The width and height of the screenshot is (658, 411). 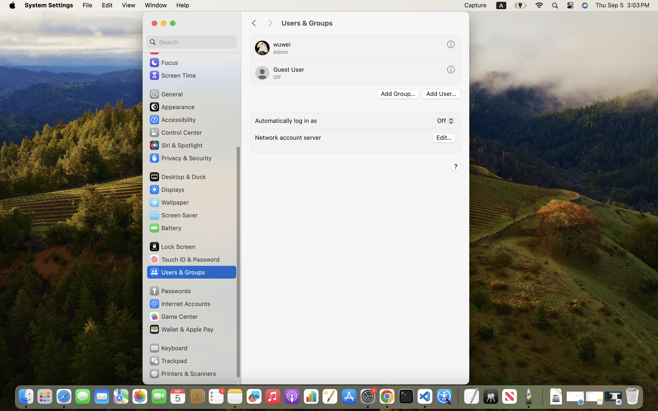 What do you see at coordinates (179, 304) in the screenshot?
I see `'Internet Accounts'` at bounding box center [179, 304].